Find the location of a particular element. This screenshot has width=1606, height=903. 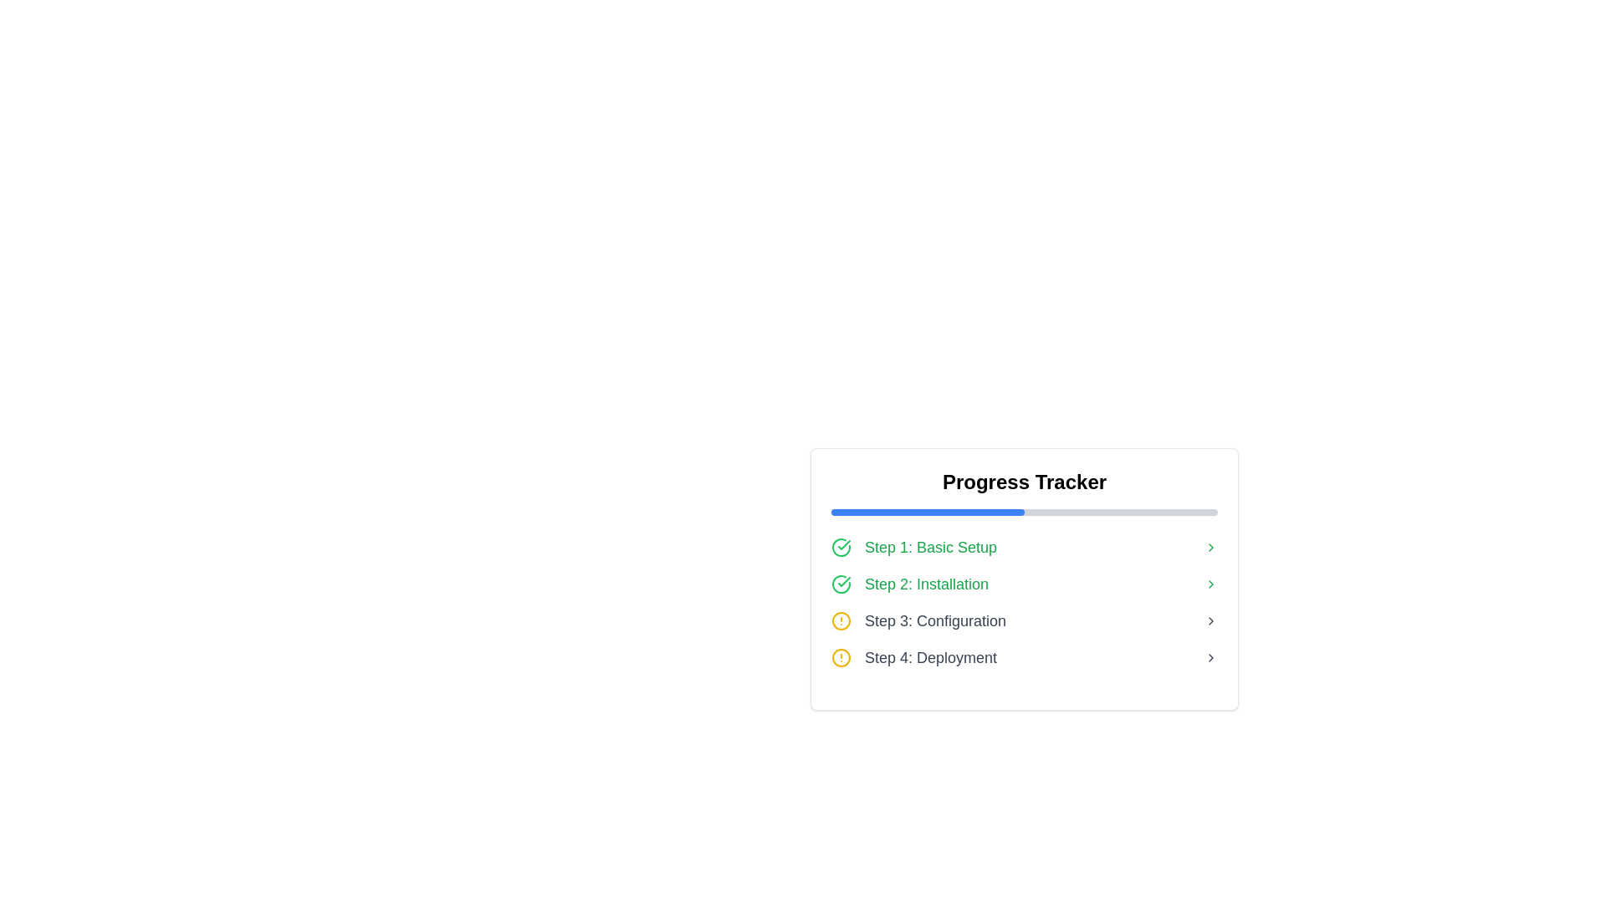

the current state of the circular green icon with a checkmark that indicates the completion of 'Step 1: Basic Setup' in the progress tracker is located at coordinates (841, 548).